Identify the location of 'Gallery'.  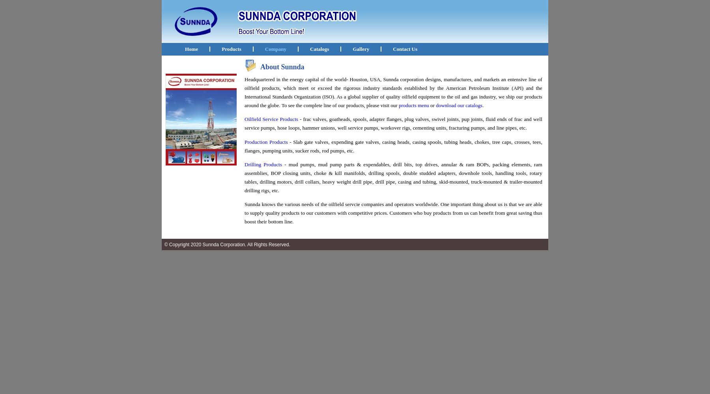
(360, 48).